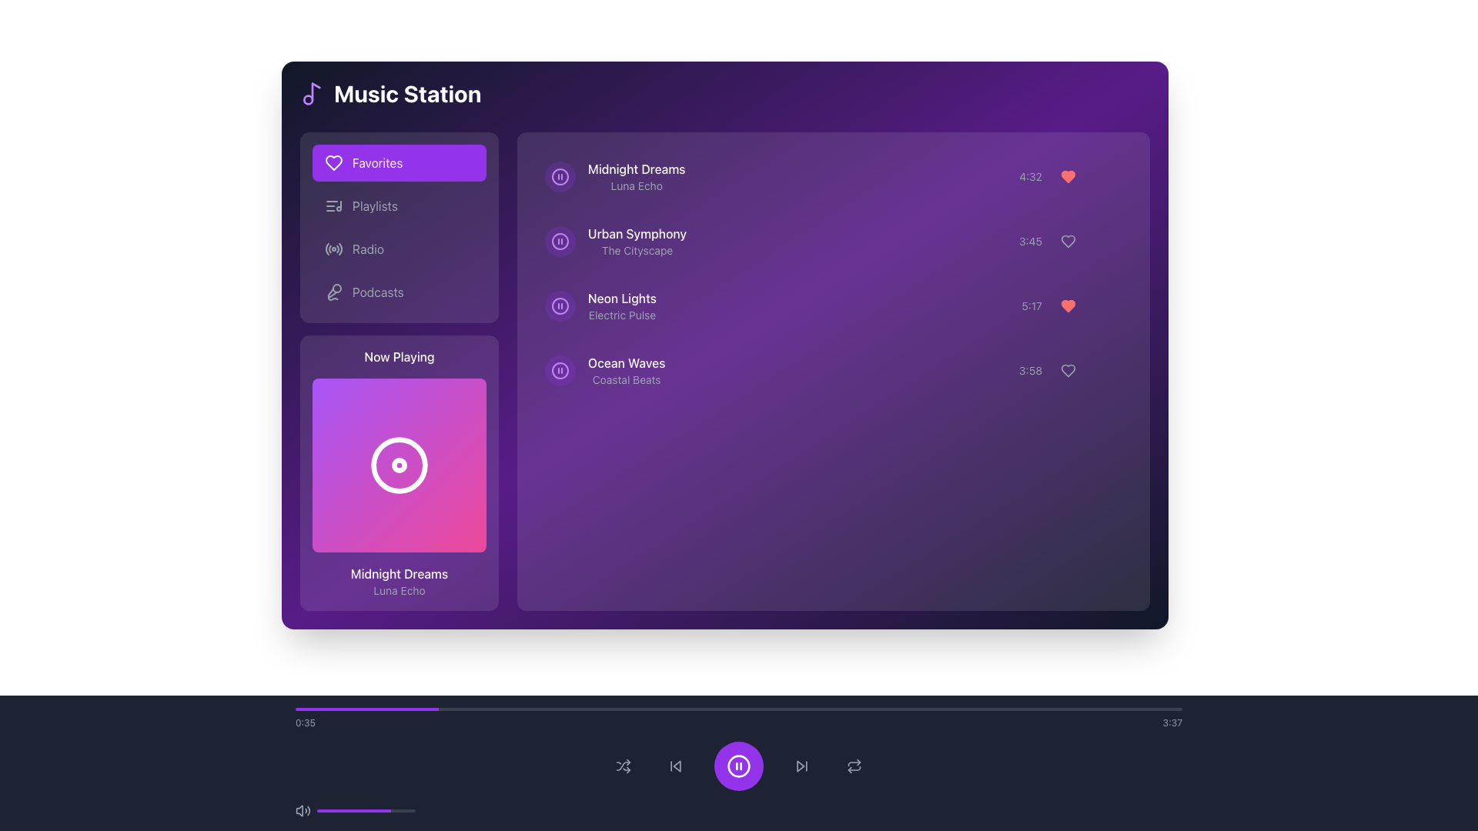  I want to click on the favorite button icon located in the fourth row of the vertical list in the right panel, positioned to the right of the duration text '3:58', so click(1069, 371).